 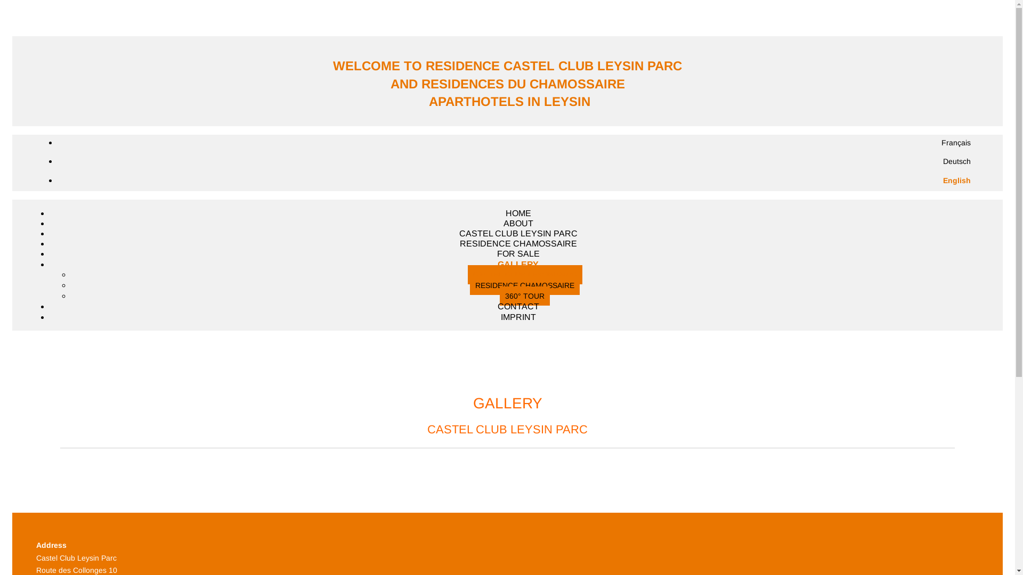 I want to click on 'CONTACT', so click(x=518, y=306).